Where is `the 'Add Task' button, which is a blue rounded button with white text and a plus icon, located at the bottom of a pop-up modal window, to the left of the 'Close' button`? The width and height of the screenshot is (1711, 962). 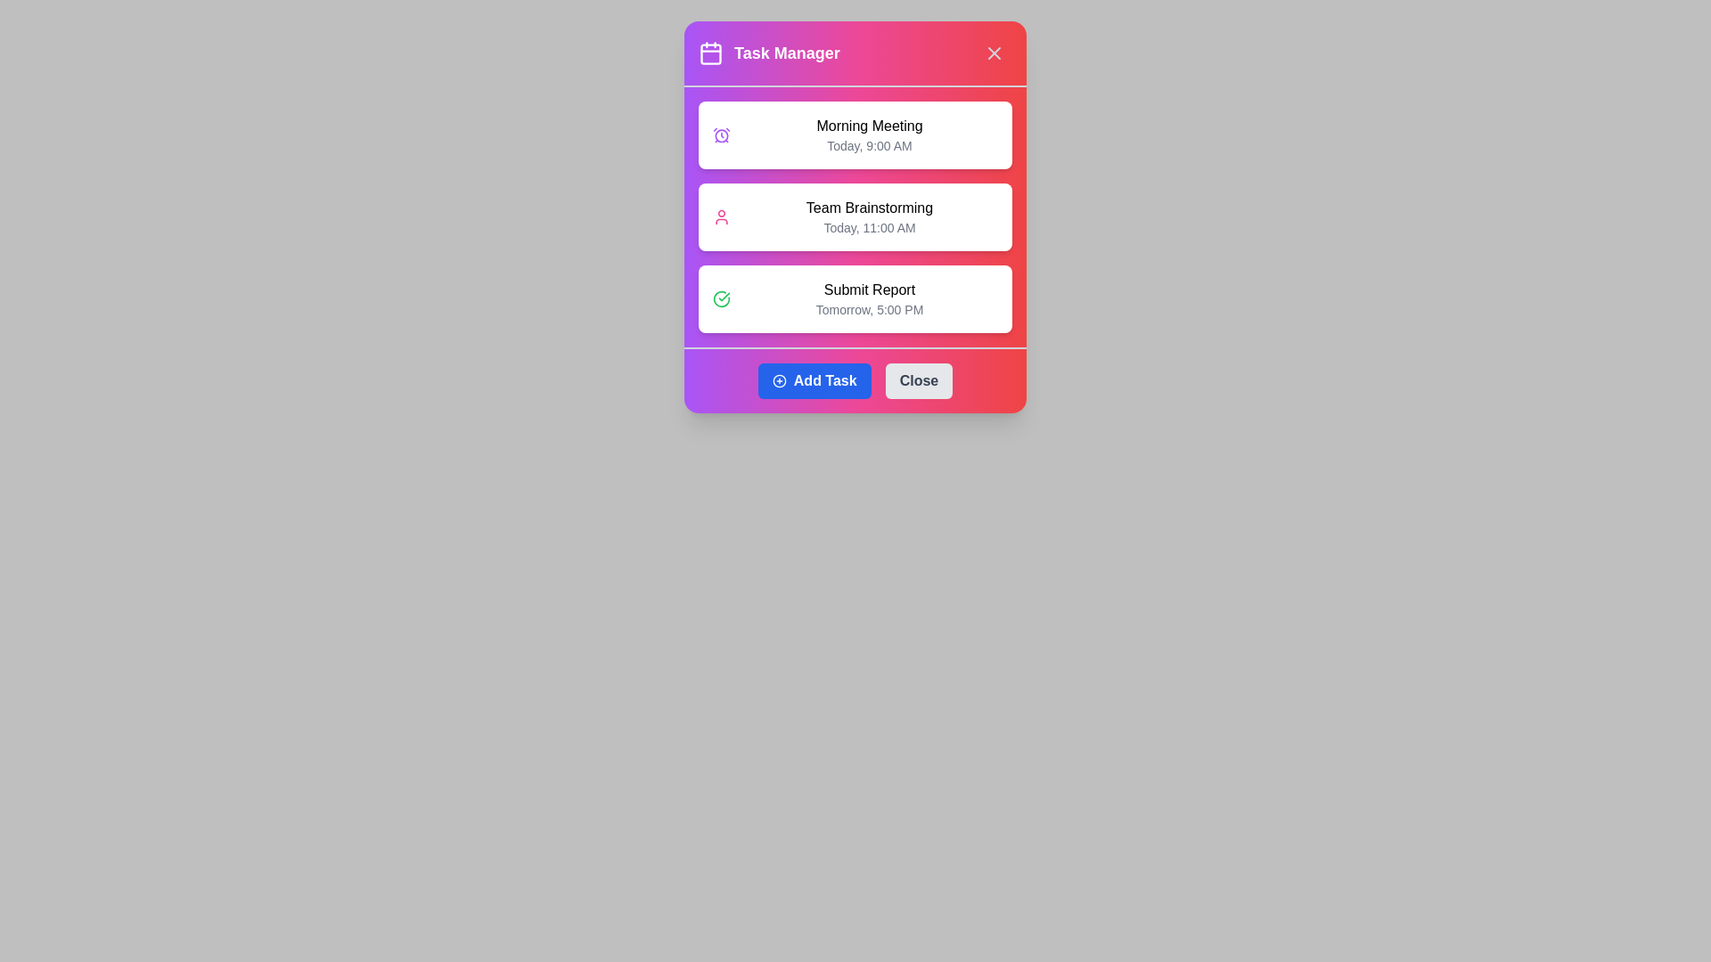 the 'Add Task' button, which is a blue rounded button with white text and a plus icon, located at the bottom of a pop-up modal window, to the left of the 'Close' button is located at coordinates (814, 380).